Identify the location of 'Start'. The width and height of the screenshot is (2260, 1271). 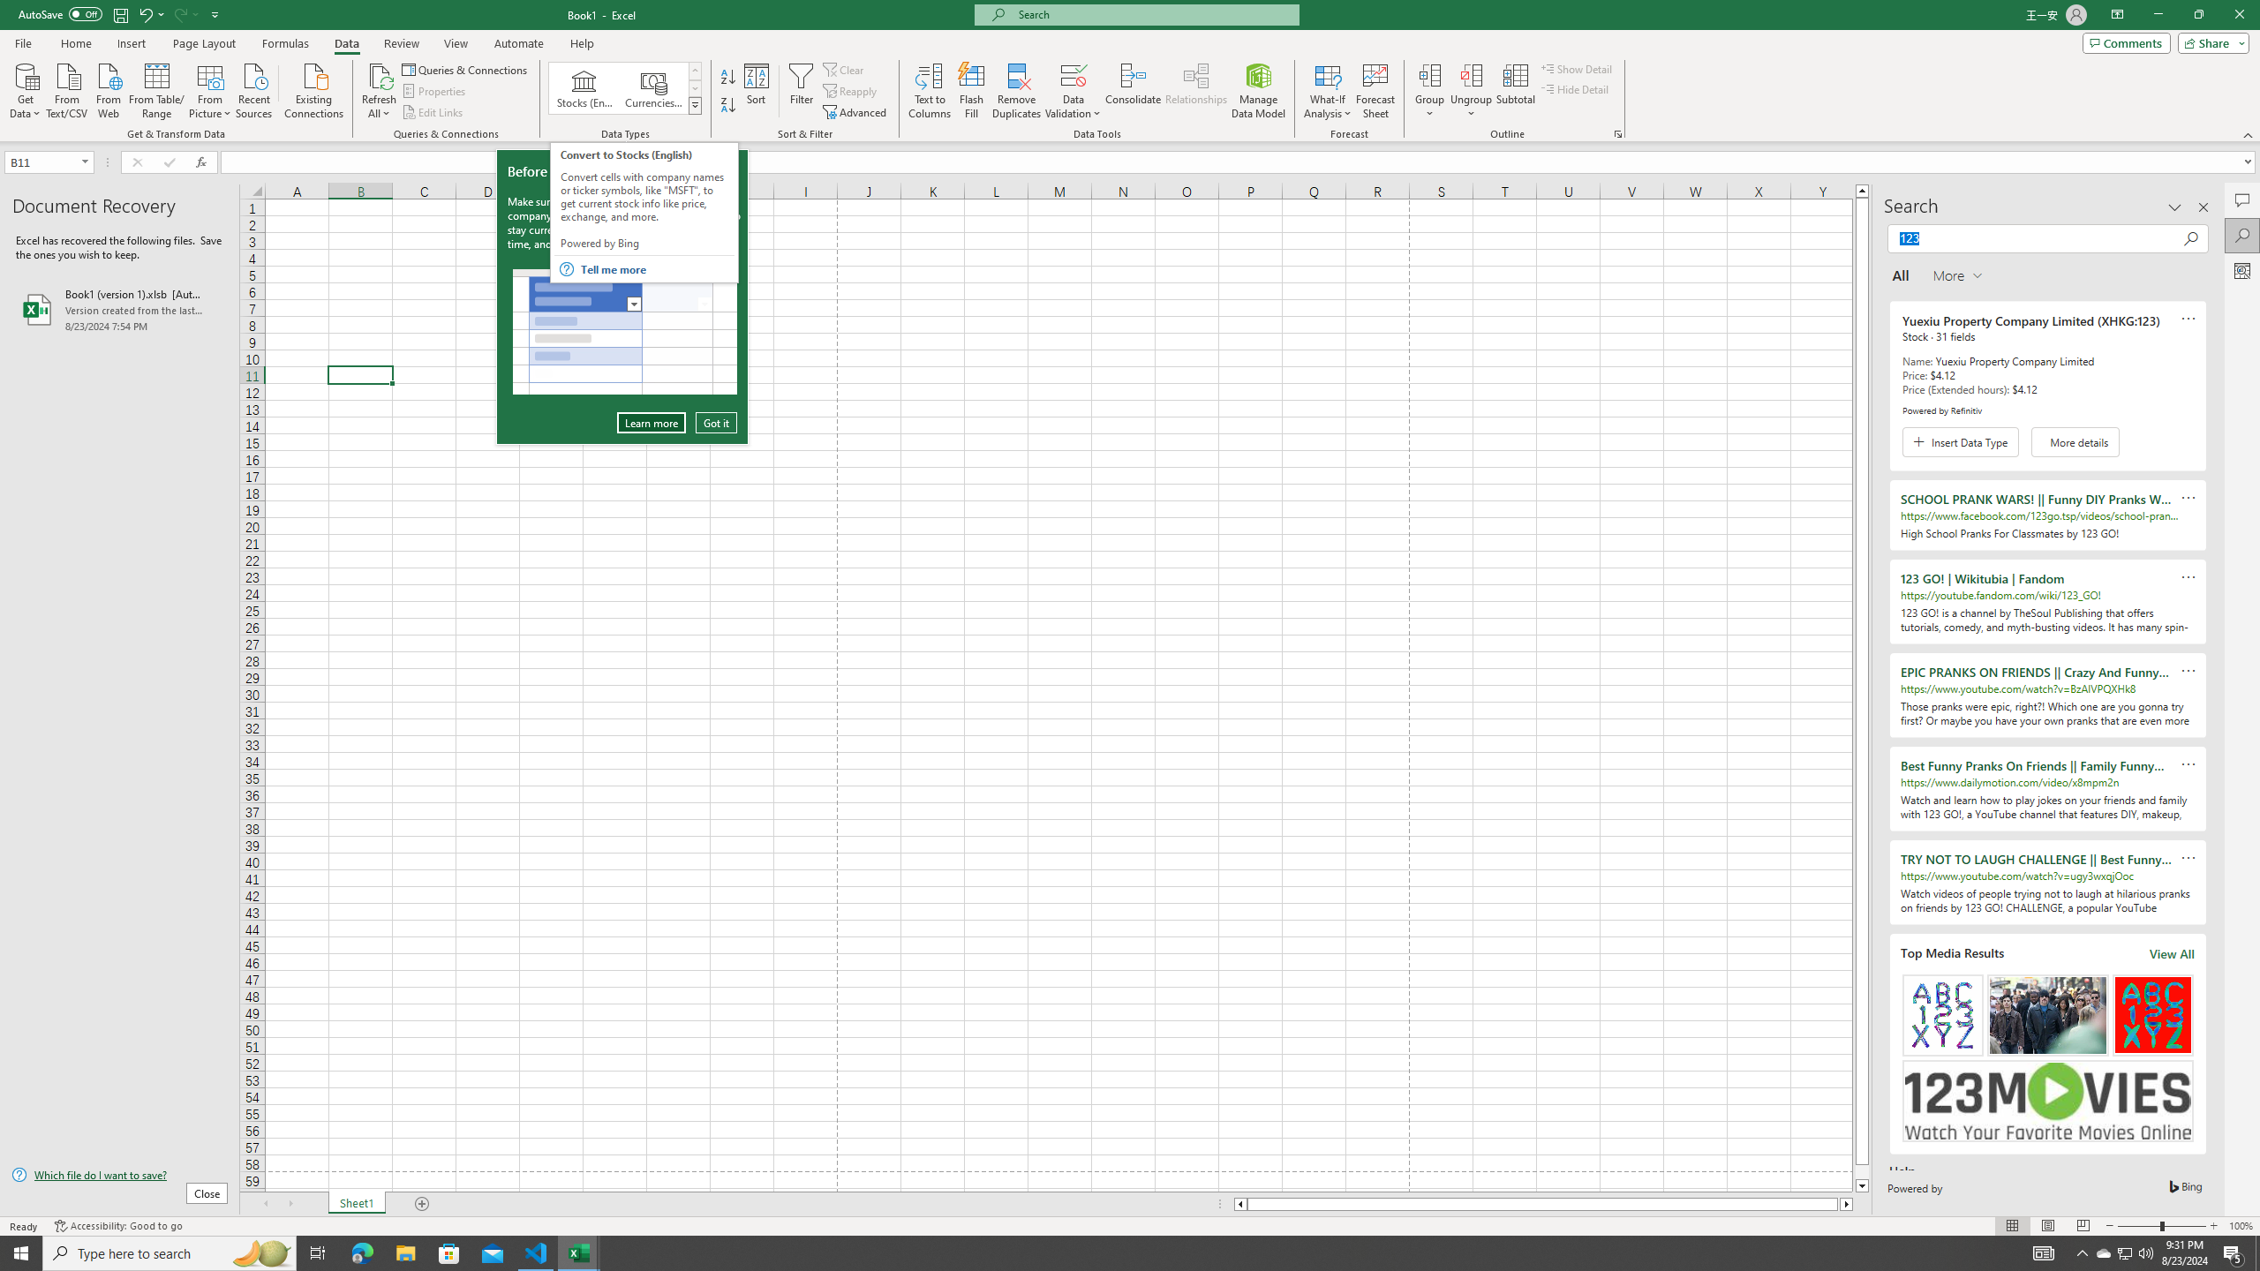
(21, 1252).